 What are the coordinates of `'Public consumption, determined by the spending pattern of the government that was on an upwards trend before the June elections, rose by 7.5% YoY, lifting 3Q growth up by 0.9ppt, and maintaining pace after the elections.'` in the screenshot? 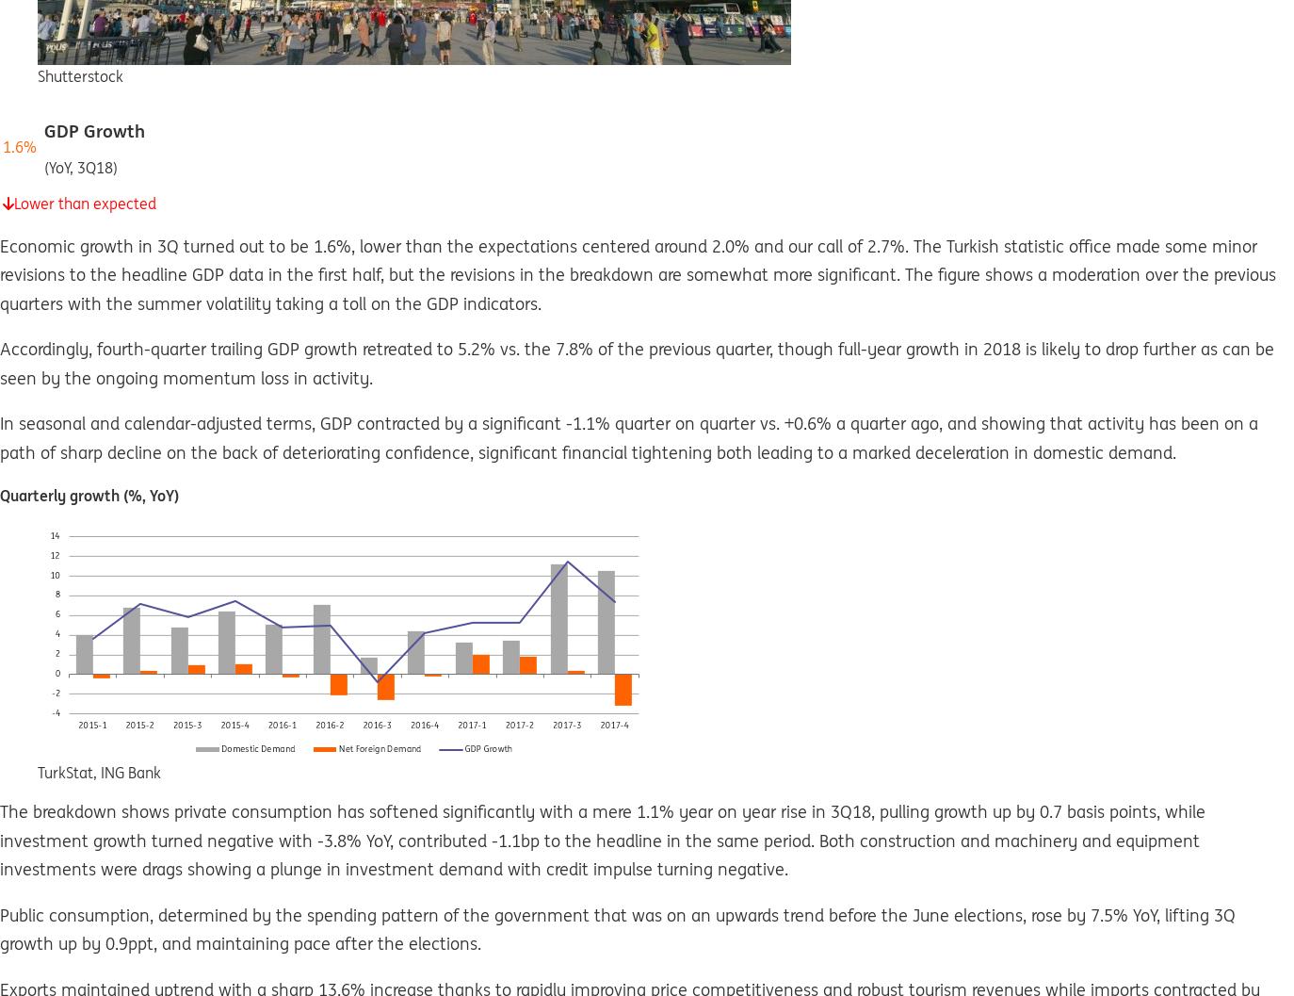 It's located at (617, 927).